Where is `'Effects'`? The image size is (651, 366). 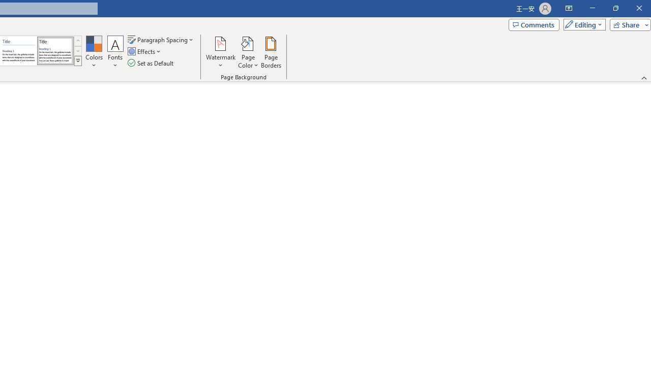 'Effects' is located at coordinates (144, 51).